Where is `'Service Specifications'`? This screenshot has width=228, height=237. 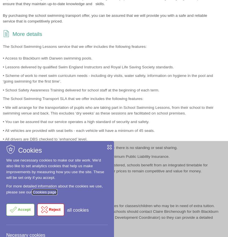
'Service Specifications' is located at coordinates (39, 123).